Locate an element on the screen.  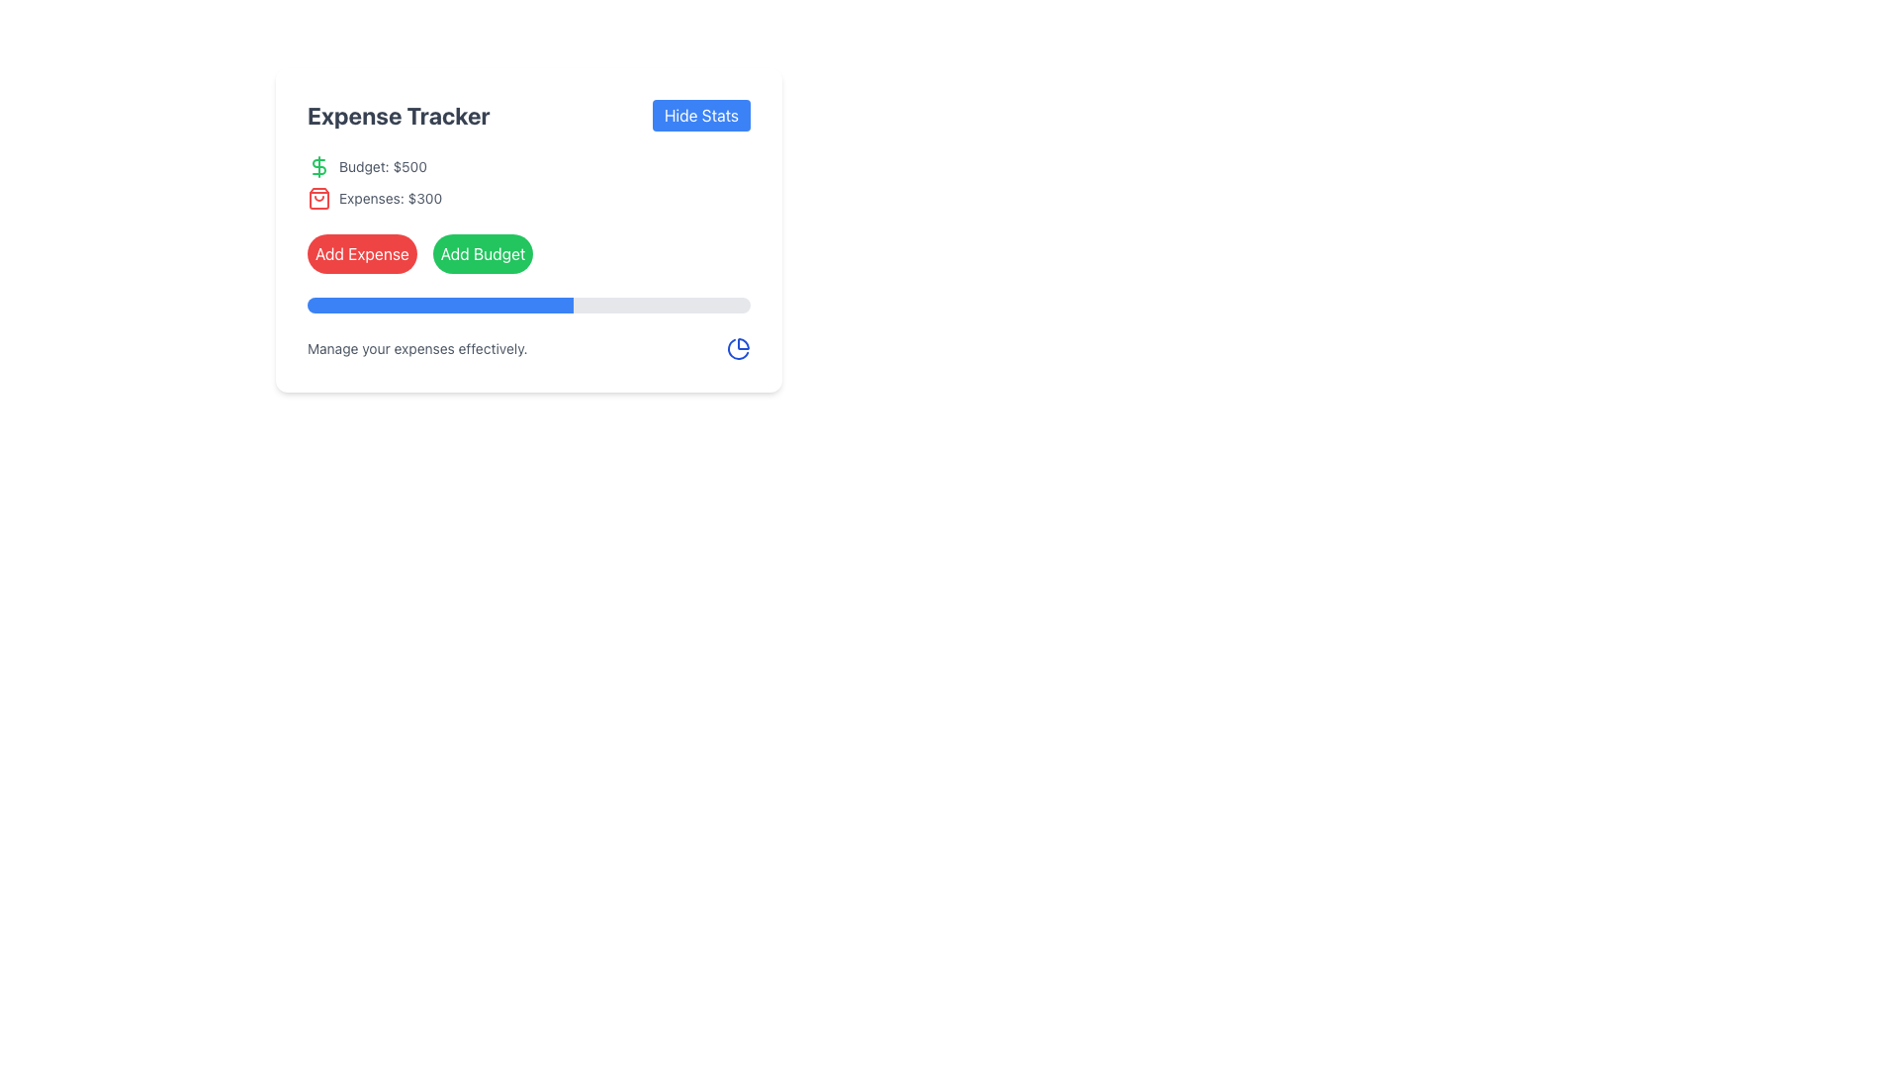
the red, rounded 'Add Expense' button to initiate the expense addition process is located at coordinates (362, 253).